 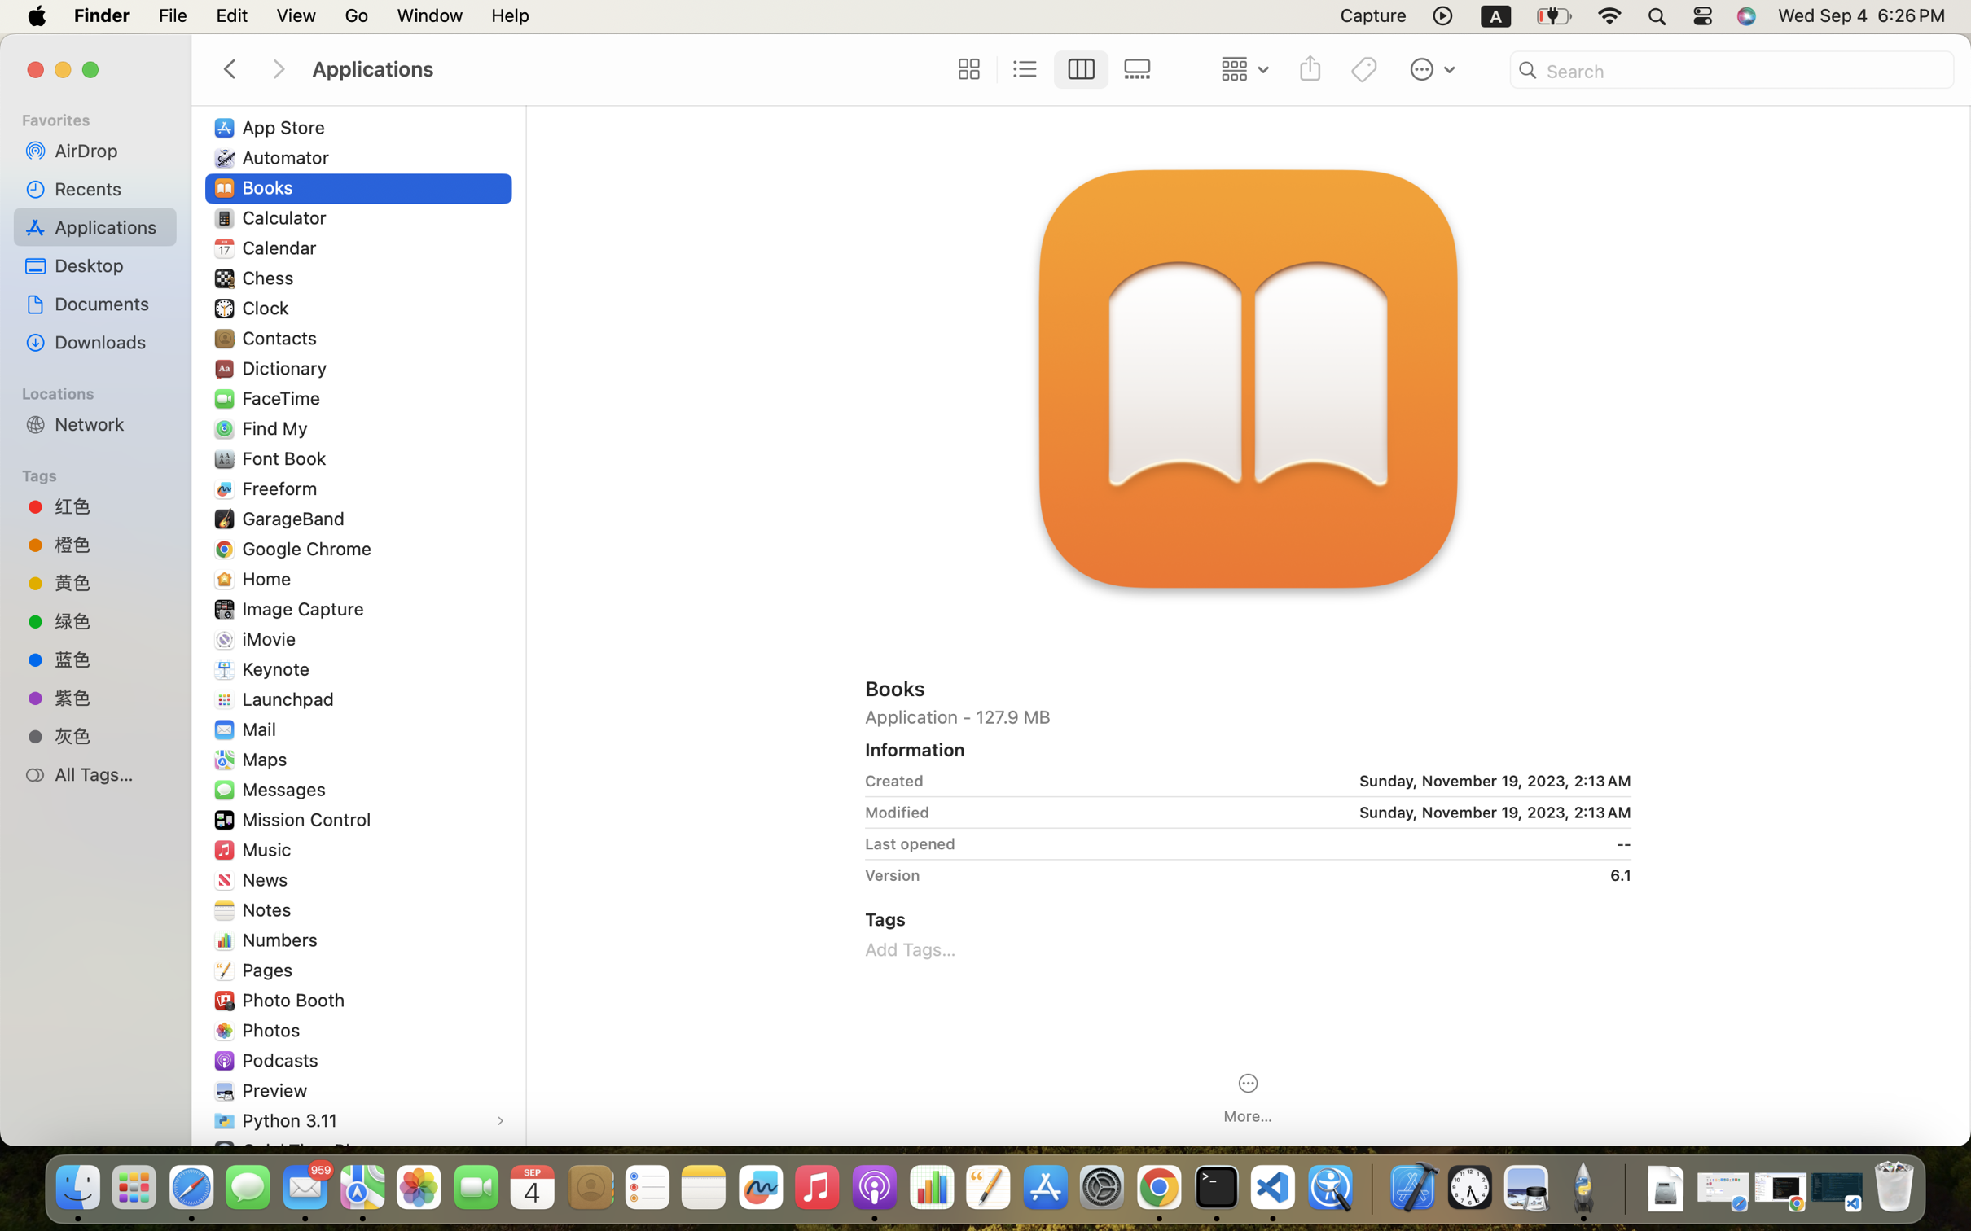 What do you see at coordinates (286, 125) in the screenshot?
I see `'App Store'` at bounding box center [286, 125].